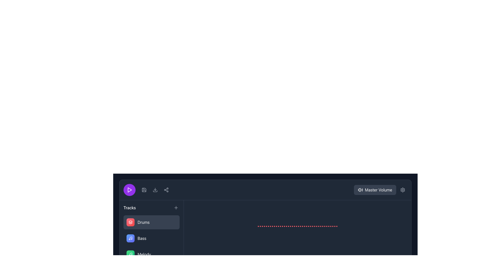 The width and height of the screenshot is (483, 271). Describe the element at coordinates (297, 226) in the screenshot. I see `the graphical visualization component that serves as a visual depiction of data, centrally located and composed of small bars with varying heights` at that location.